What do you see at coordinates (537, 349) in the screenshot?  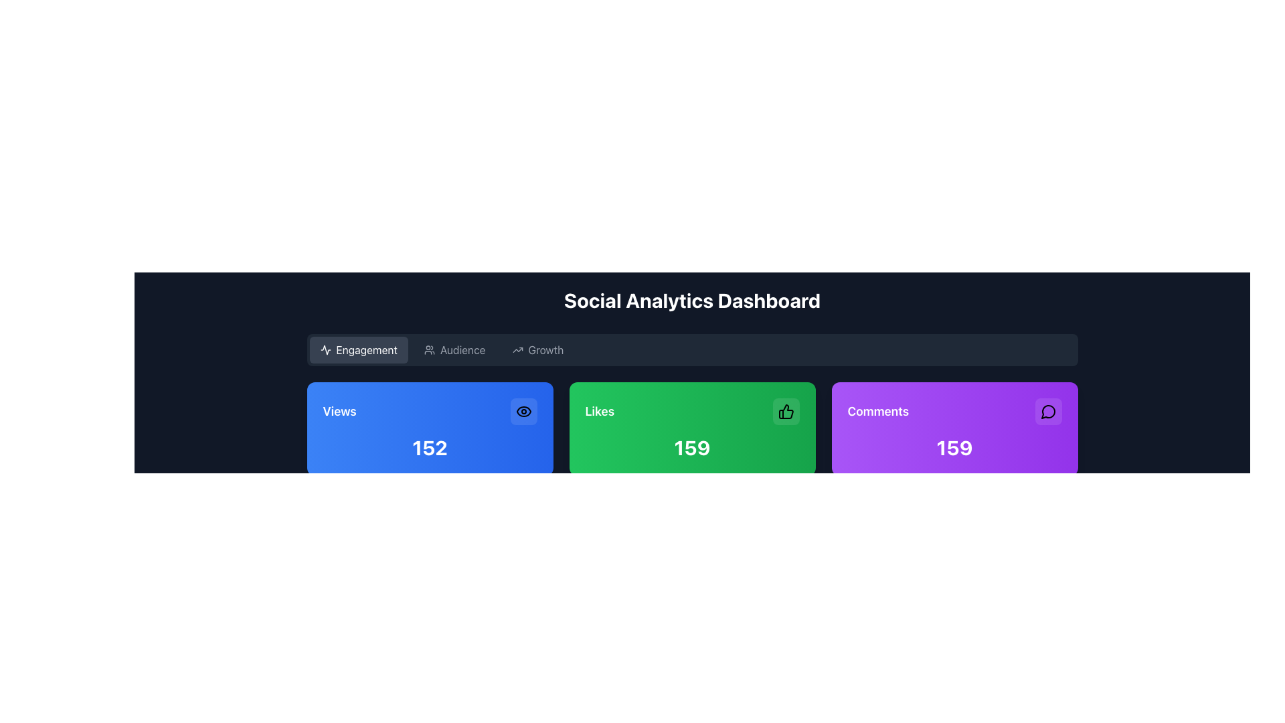 I see `the 'Growth' button` at bounding box center [537, 349].